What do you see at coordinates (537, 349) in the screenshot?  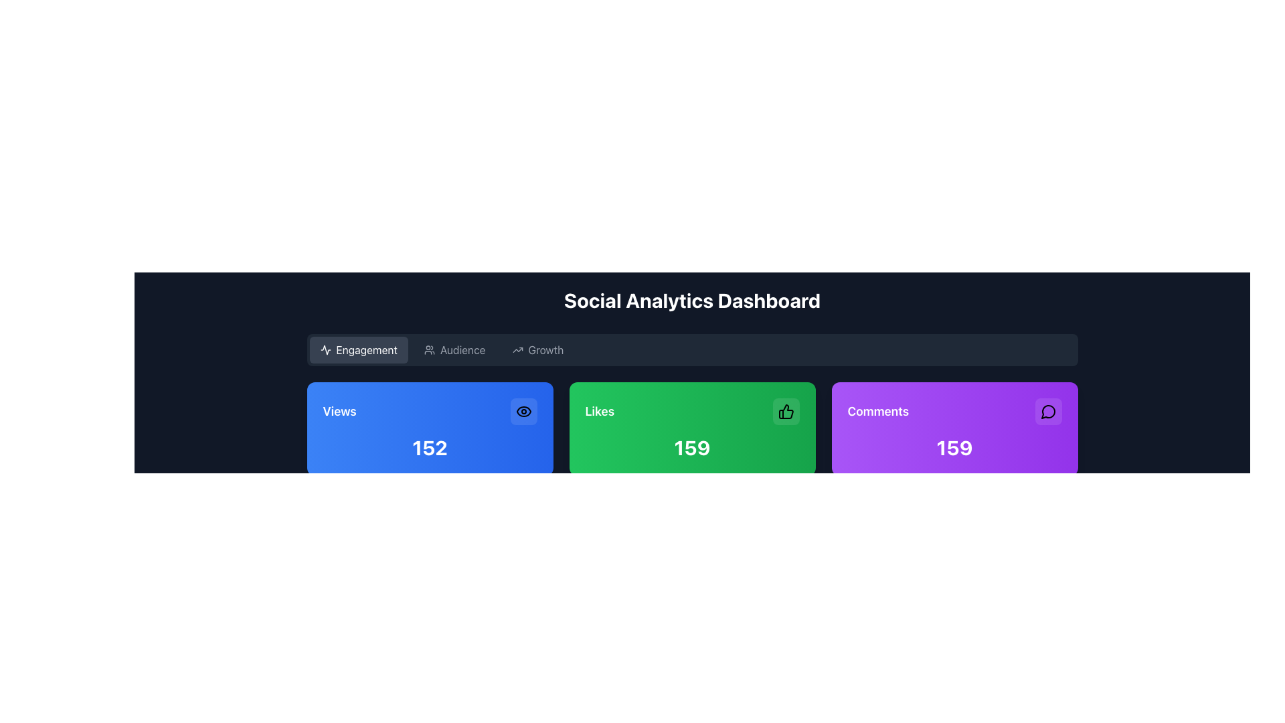 I see `the 'Growth' button` at bounding box center [537, 349].